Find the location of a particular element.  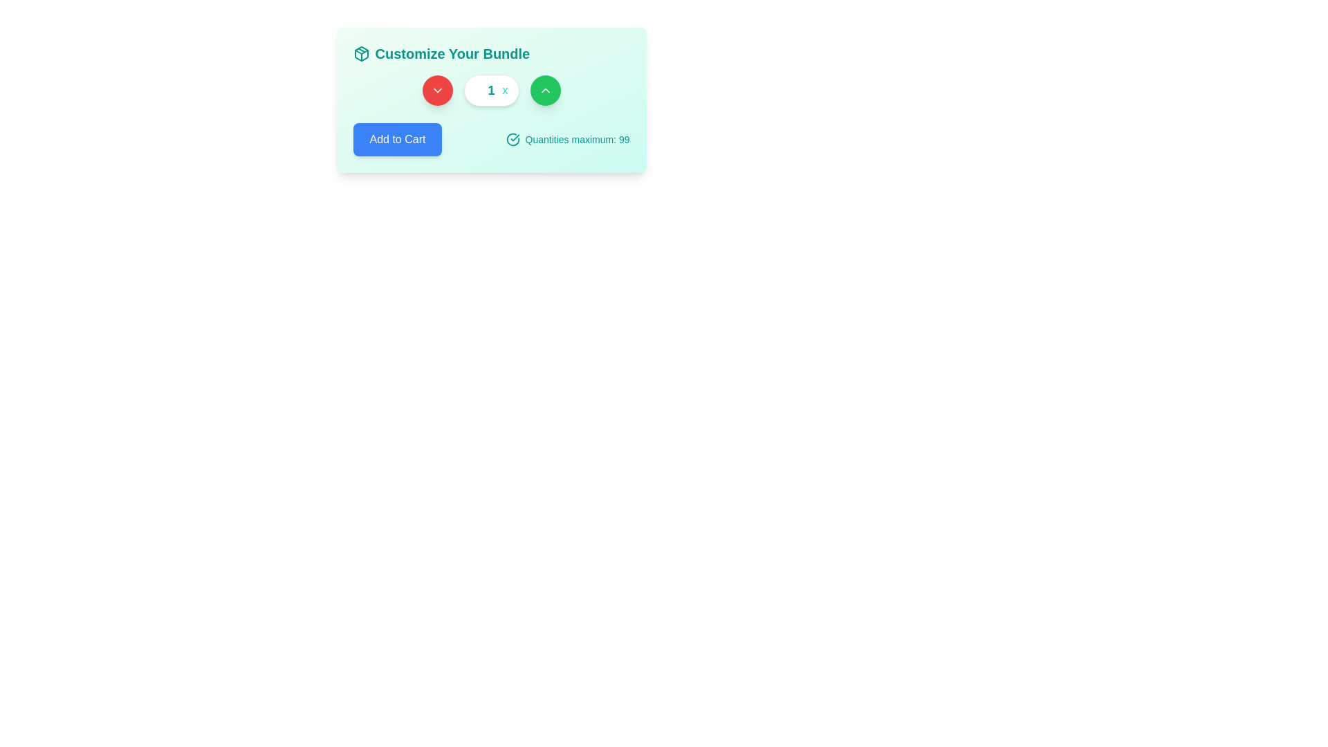

the circular portion of the SVG graphic that resembles part of a checkbox or status indicator, located in the top-left corner of the 'Customize Your Bundle' card is located at coordinates (512, 139).